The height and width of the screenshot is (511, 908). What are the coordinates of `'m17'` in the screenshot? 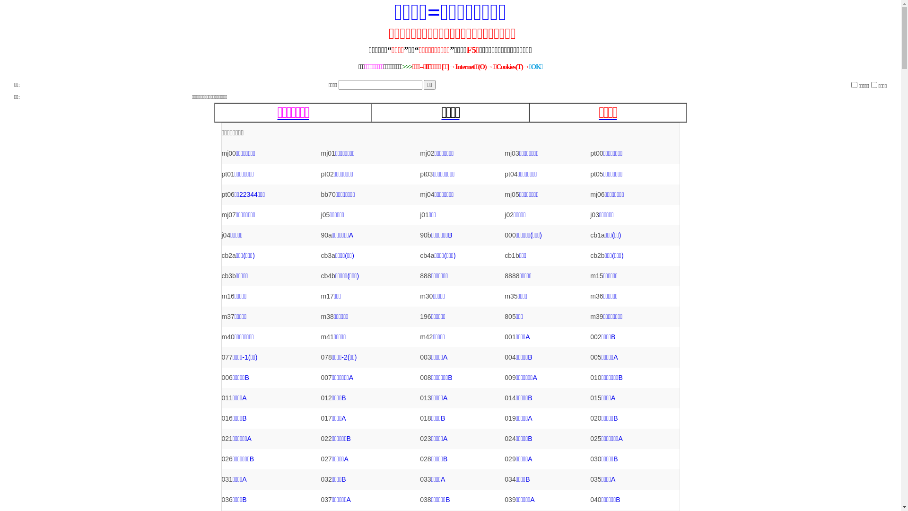 It's located at (327, 295).